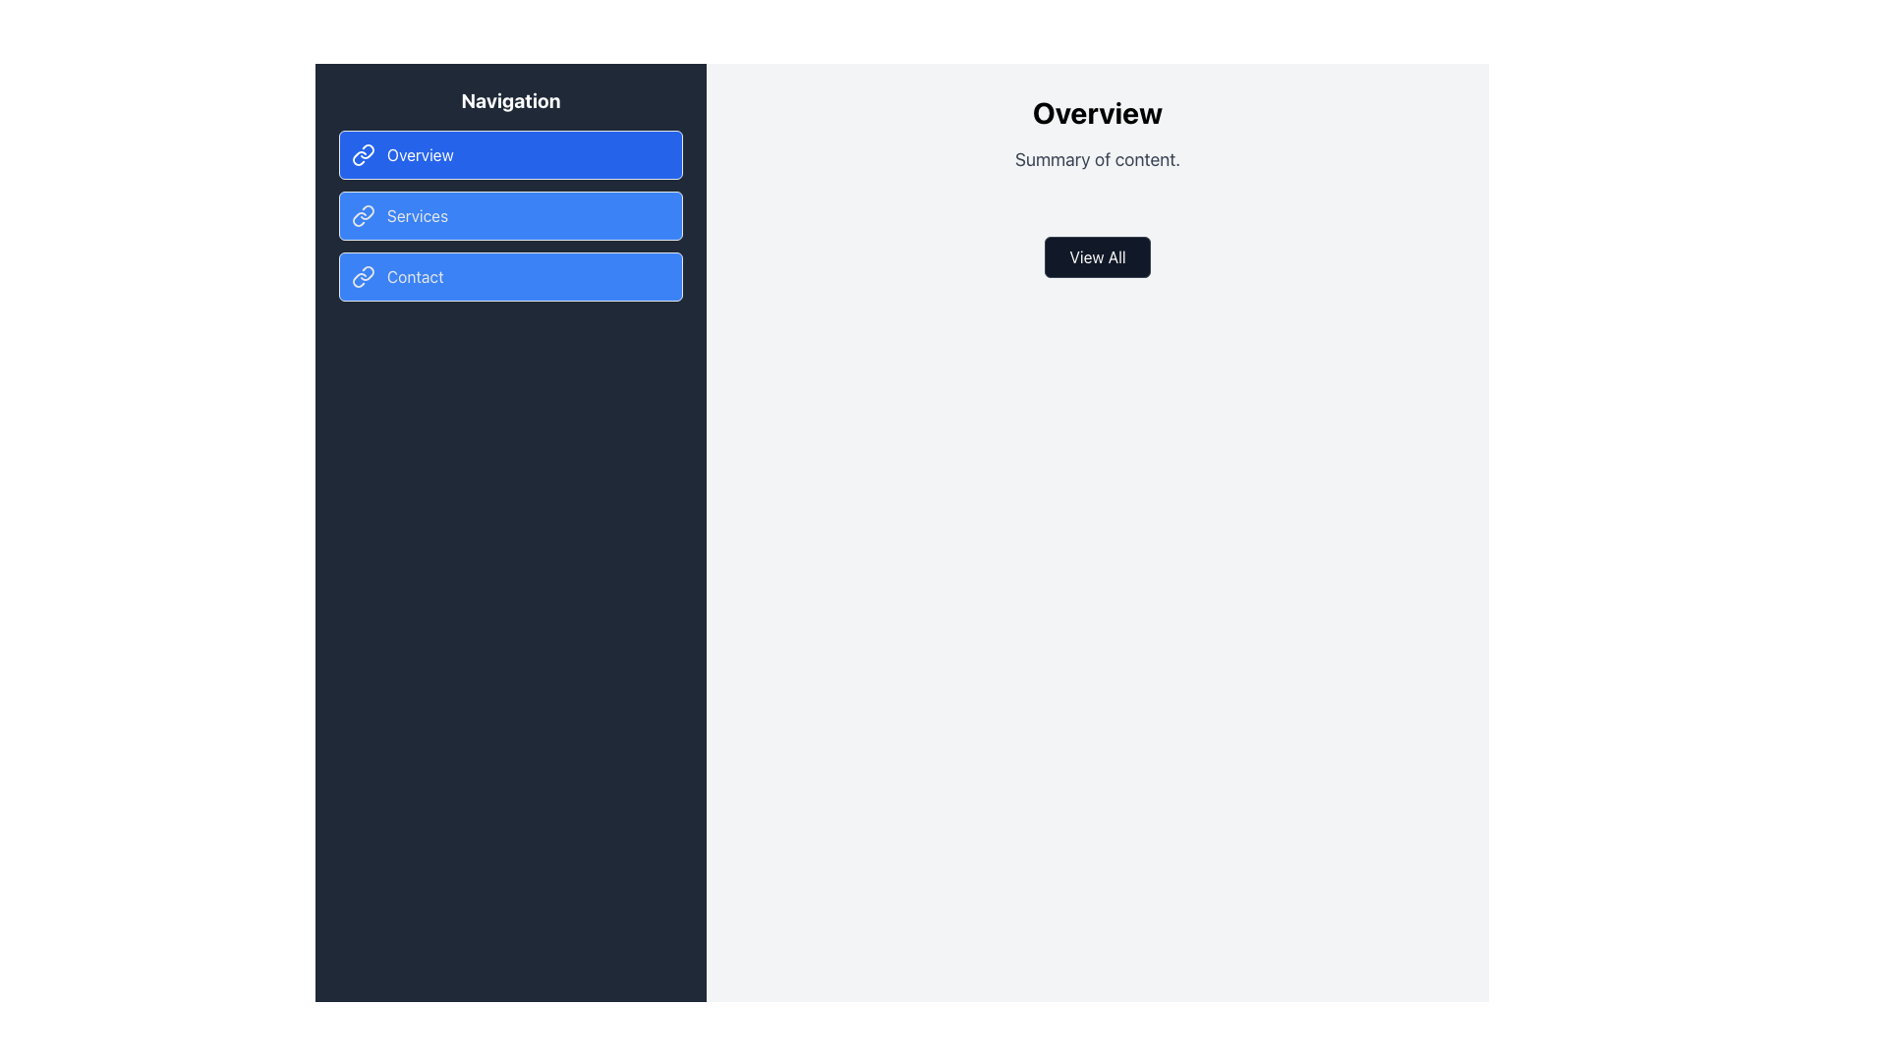  What do you see at coordinates (1097, 256) in the screenshot?
I see `the 'View All' button, which is a rectangular button with white text on a dark background, located below the 'Summary of content.' text` at bounding box center [1097, 256].